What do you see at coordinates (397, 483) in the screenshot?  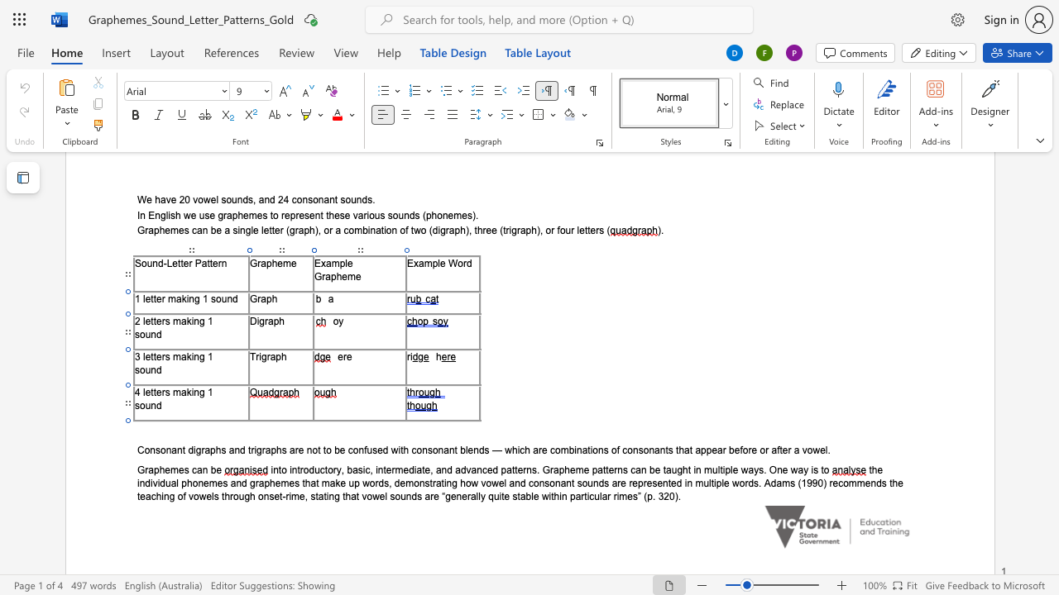 I see `the 1th character "d" in the text` at bounding box center [397, 483].